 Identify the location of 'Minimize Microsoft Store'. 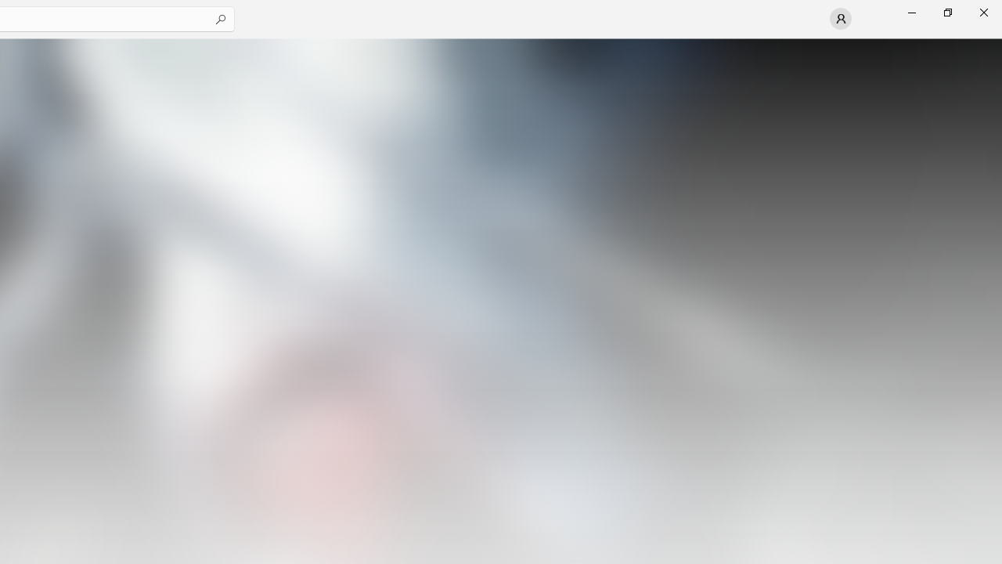
(911, 12).